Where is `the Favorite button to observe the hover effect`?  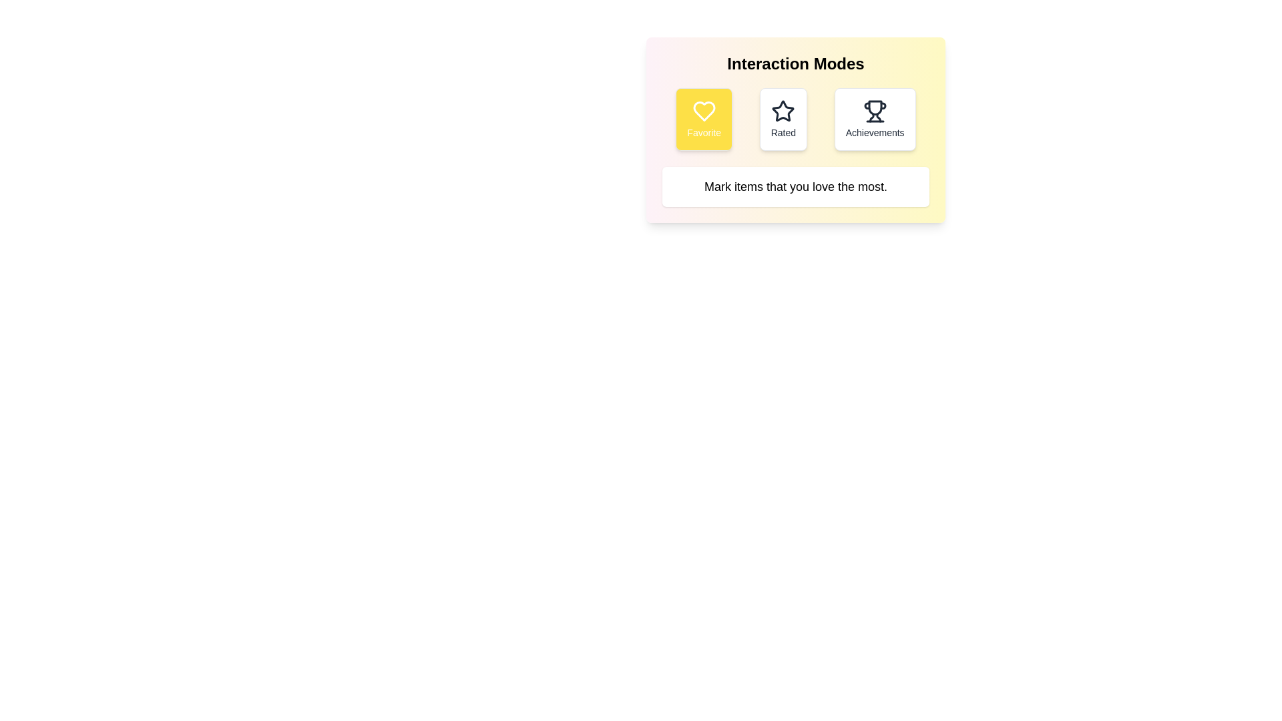
the Favorite button to observe the hover effect is located at coordinates (703, 118).